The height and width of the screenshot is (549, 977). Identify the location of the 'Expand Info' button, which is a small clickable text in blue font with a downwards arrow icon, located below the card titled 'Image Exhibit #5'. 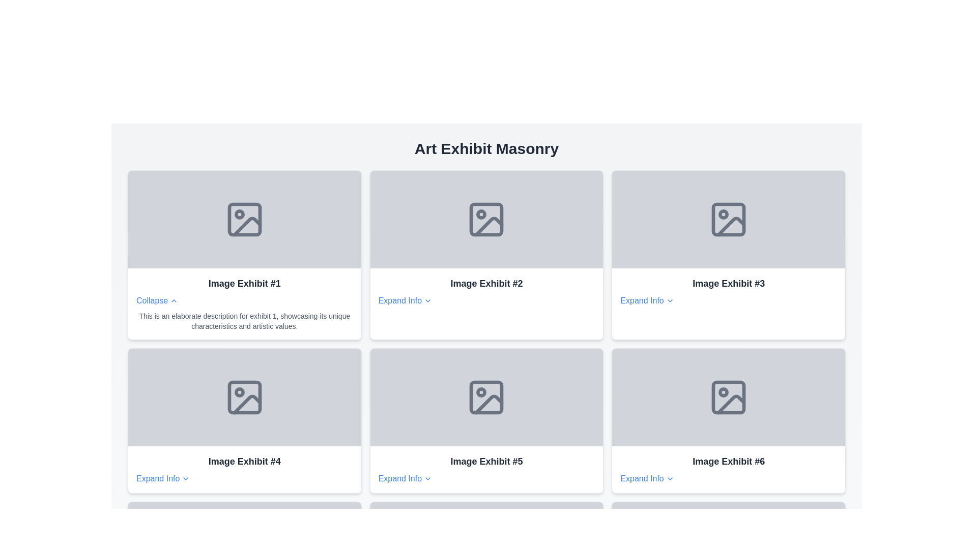
(405, 478).